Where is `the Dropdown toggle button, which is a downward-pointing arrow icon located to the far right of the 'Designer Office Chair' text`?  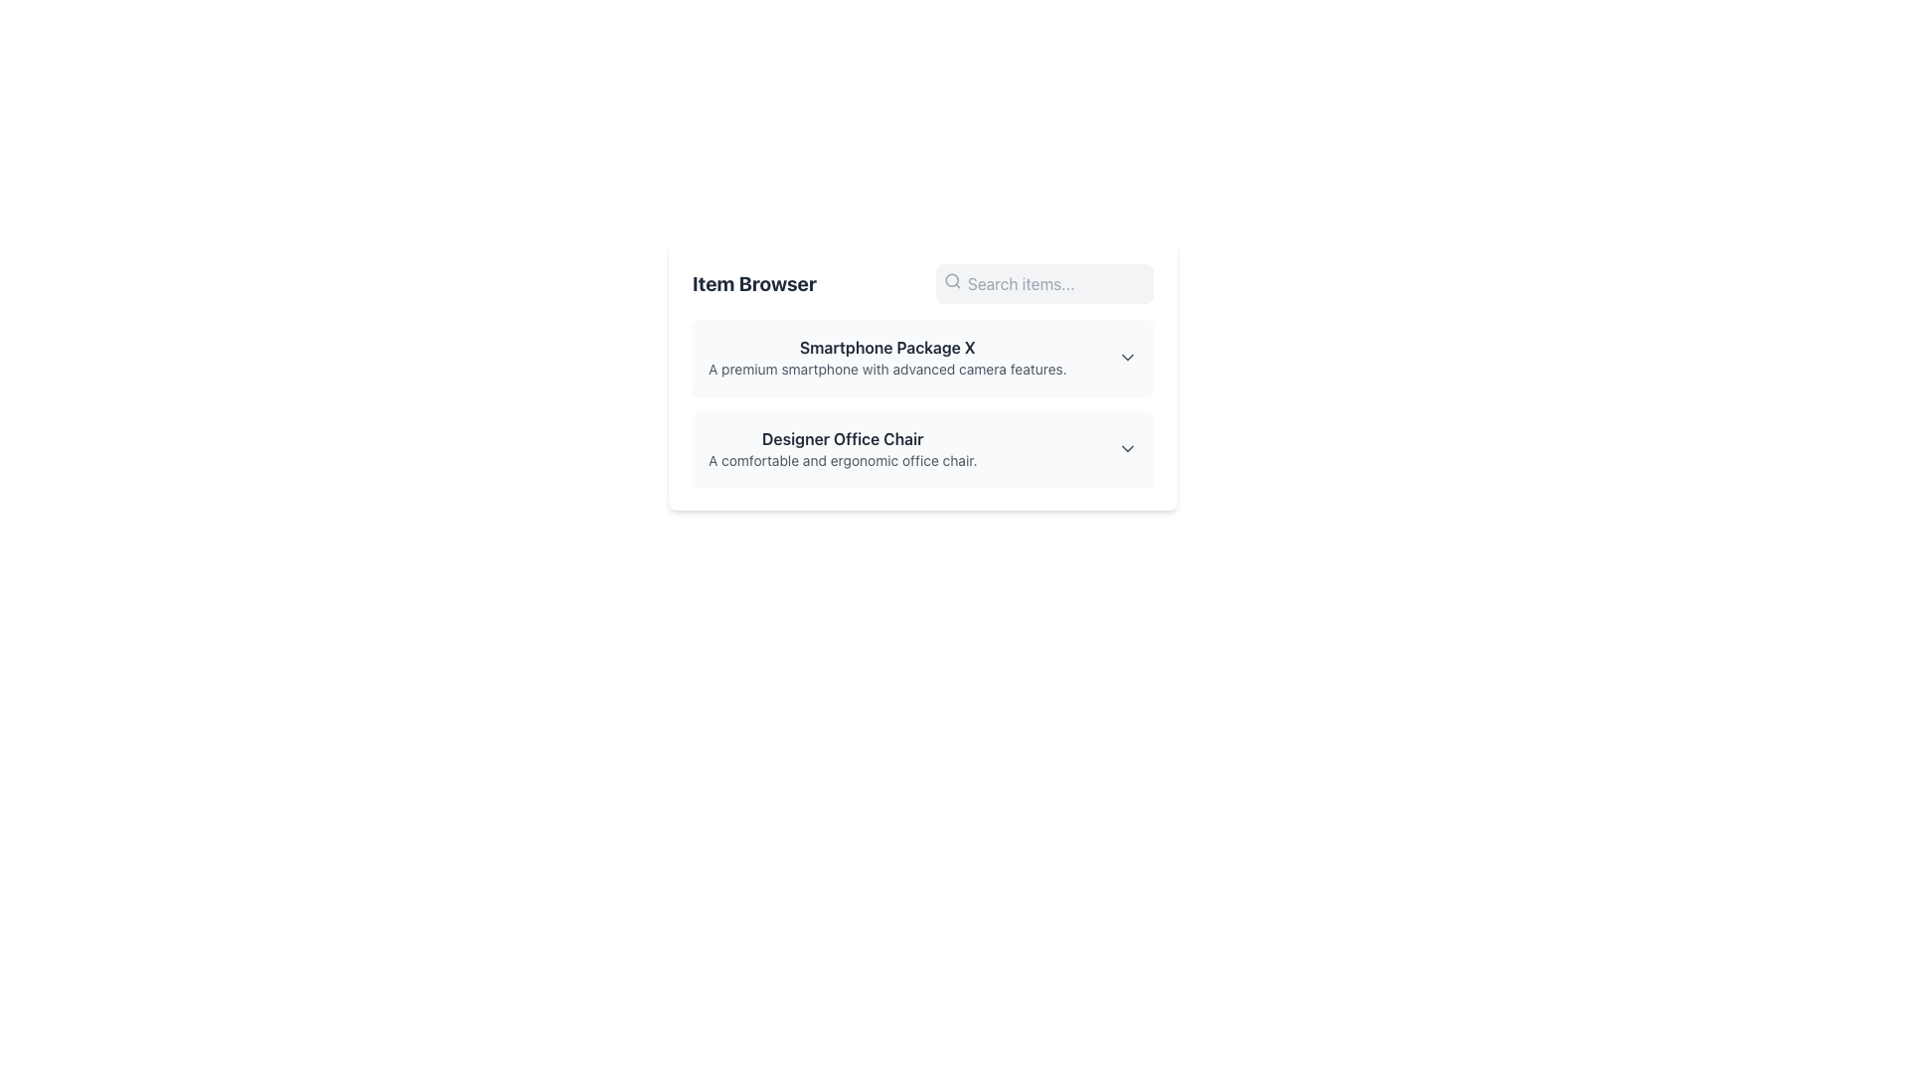
the Dropdown toggle button, which is a downward-pointing arrow icon located to the far right of the 'Designer Office Chair' text is located at coordinates (1127, 448).